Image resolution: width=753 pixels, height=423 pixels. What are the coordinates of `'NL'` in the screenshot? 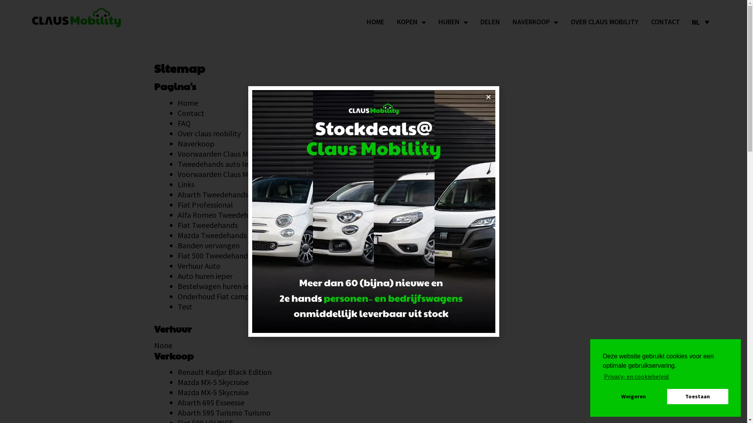 It's located at (700, 22).